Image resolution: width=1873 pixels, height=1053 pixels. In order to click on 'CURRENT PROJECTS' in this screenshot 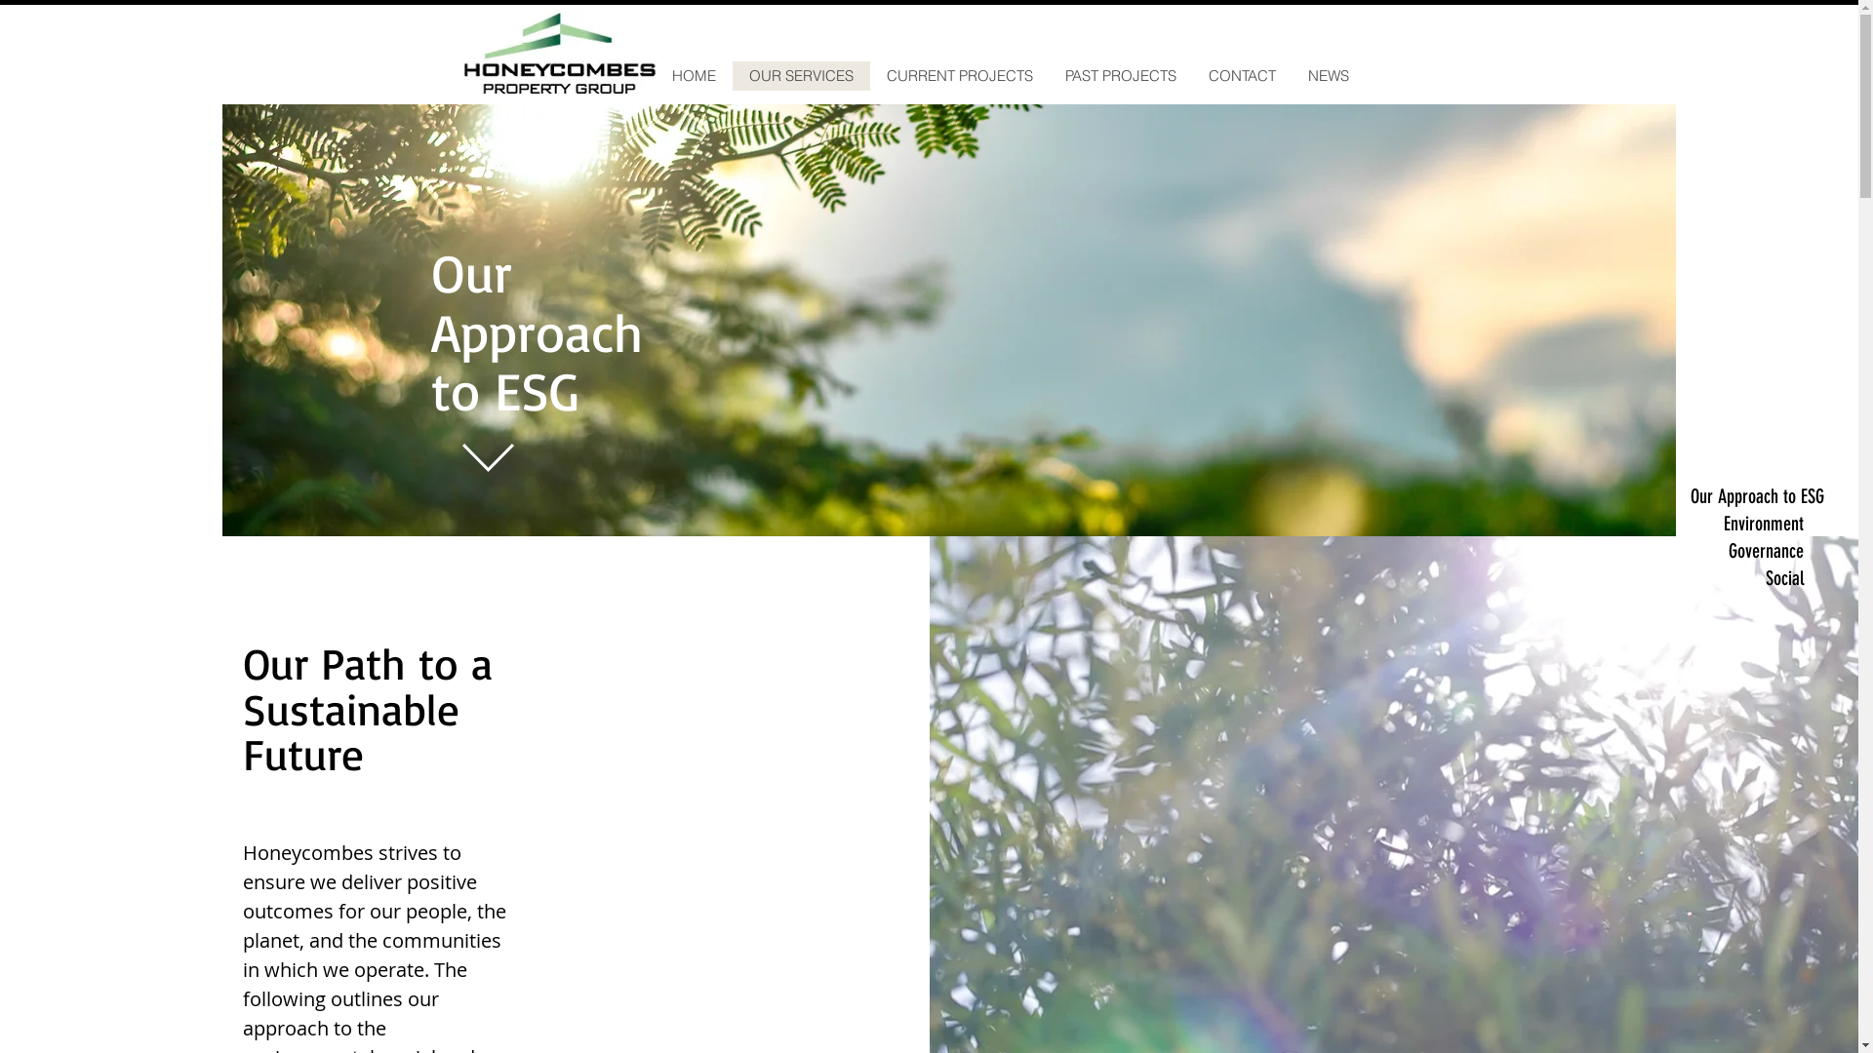, I will do `click(869, 74)`.